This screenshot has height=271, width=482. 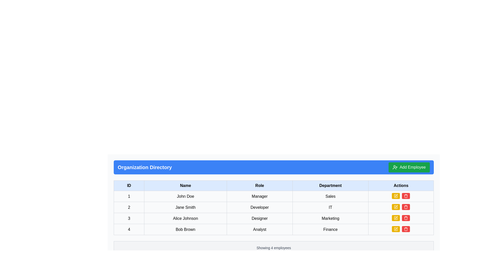 I want to click on the table header cell containing the text 'Department', which has a light blue background and a black bold font style, located in the header row of the data table, so click(x=330, y=186).